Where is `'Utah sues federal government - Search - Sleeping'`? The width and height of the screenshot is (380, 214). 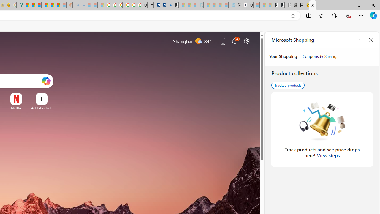 'Utah sues federal government - Search - Sleeping' is located at coordinates (81, 5).